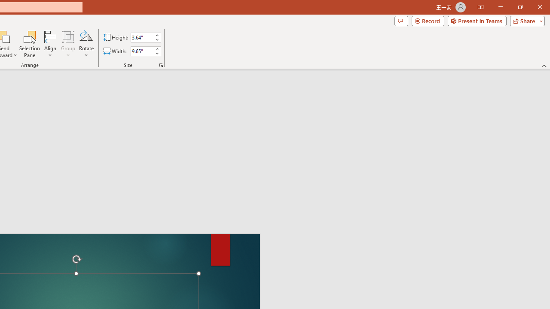 The image size is (550, 309). Describe the element at coordinates (142, 51) in the screenshot. I see `'Shape Width'` at that location.